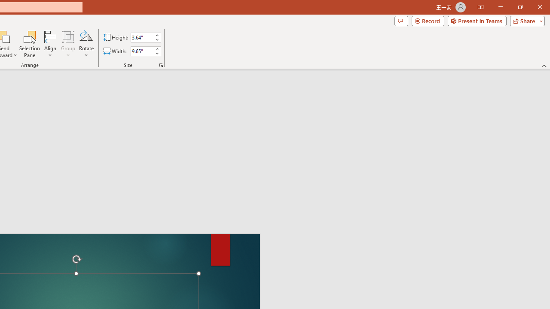 The image size is (550, 309). Describe the element at coordinates (142, 51) in the screenshot. I see `'Shape Width'` at that location.